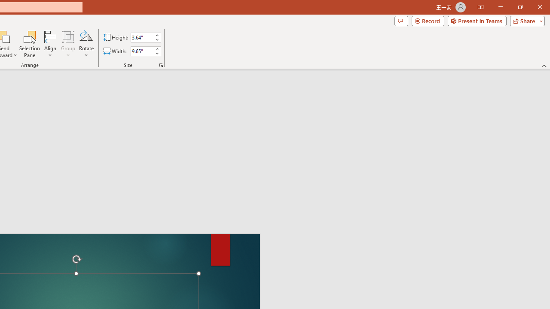 The image size is (550, 309). Describe the element at coordinates (142, 51) in the screenshot. I see `'Shape Width'` at that location.